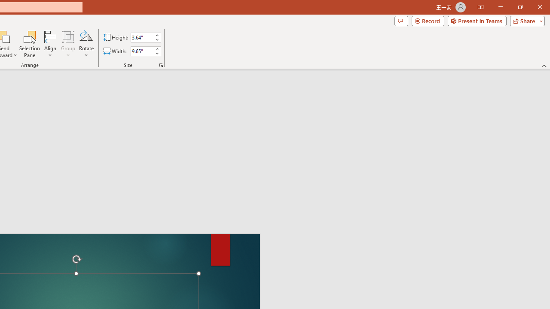 The image size is (550, 309). Describe the element at coordinates (142, 51) in the screenshot. I see `'Shape Width'` at that location.